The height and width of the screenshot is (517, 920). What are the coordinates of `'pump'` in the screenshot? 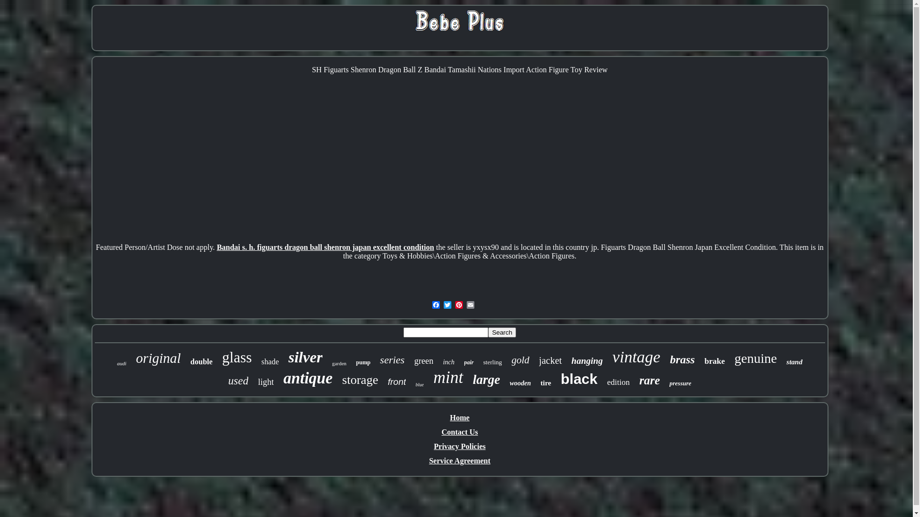 It's located at (363, 362).